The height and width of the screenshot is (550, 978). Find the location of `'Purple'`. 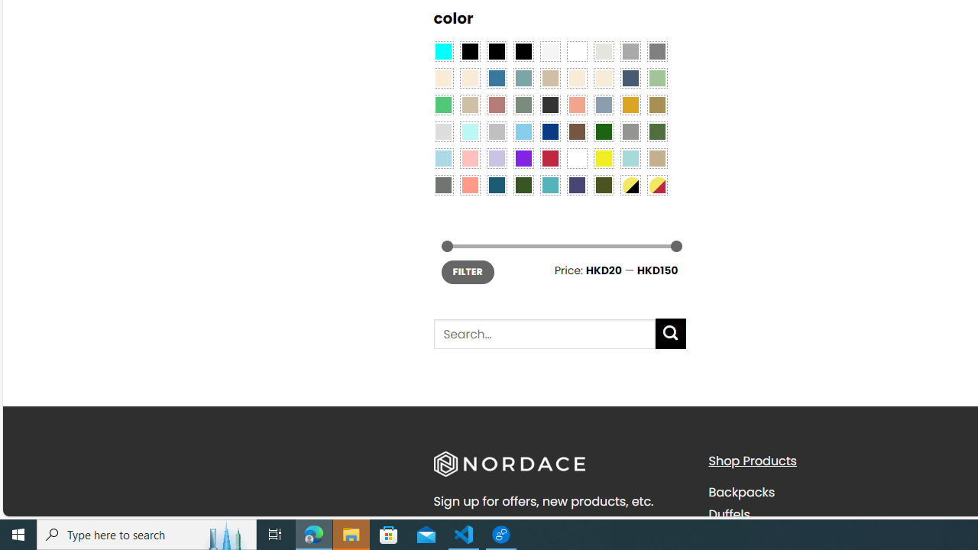

'Purple' is located at coordinates (523, 159).